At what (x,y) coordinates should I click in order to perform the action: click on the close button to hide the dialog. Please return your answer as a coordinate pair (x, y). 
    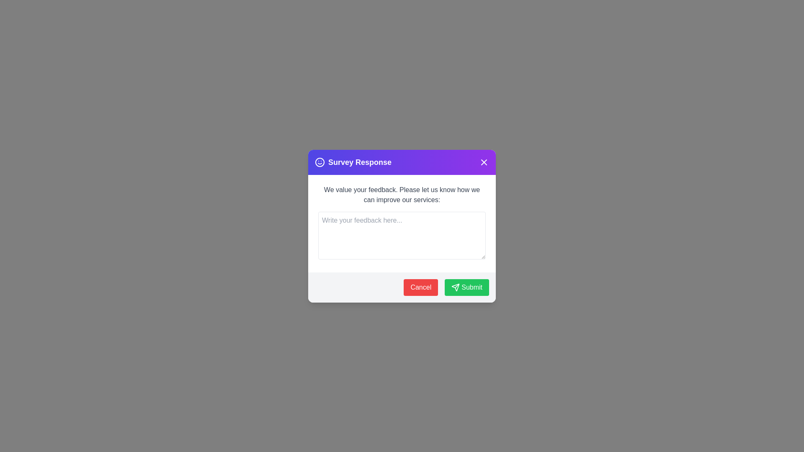
    Looking at the image, I should click on (484, 162).